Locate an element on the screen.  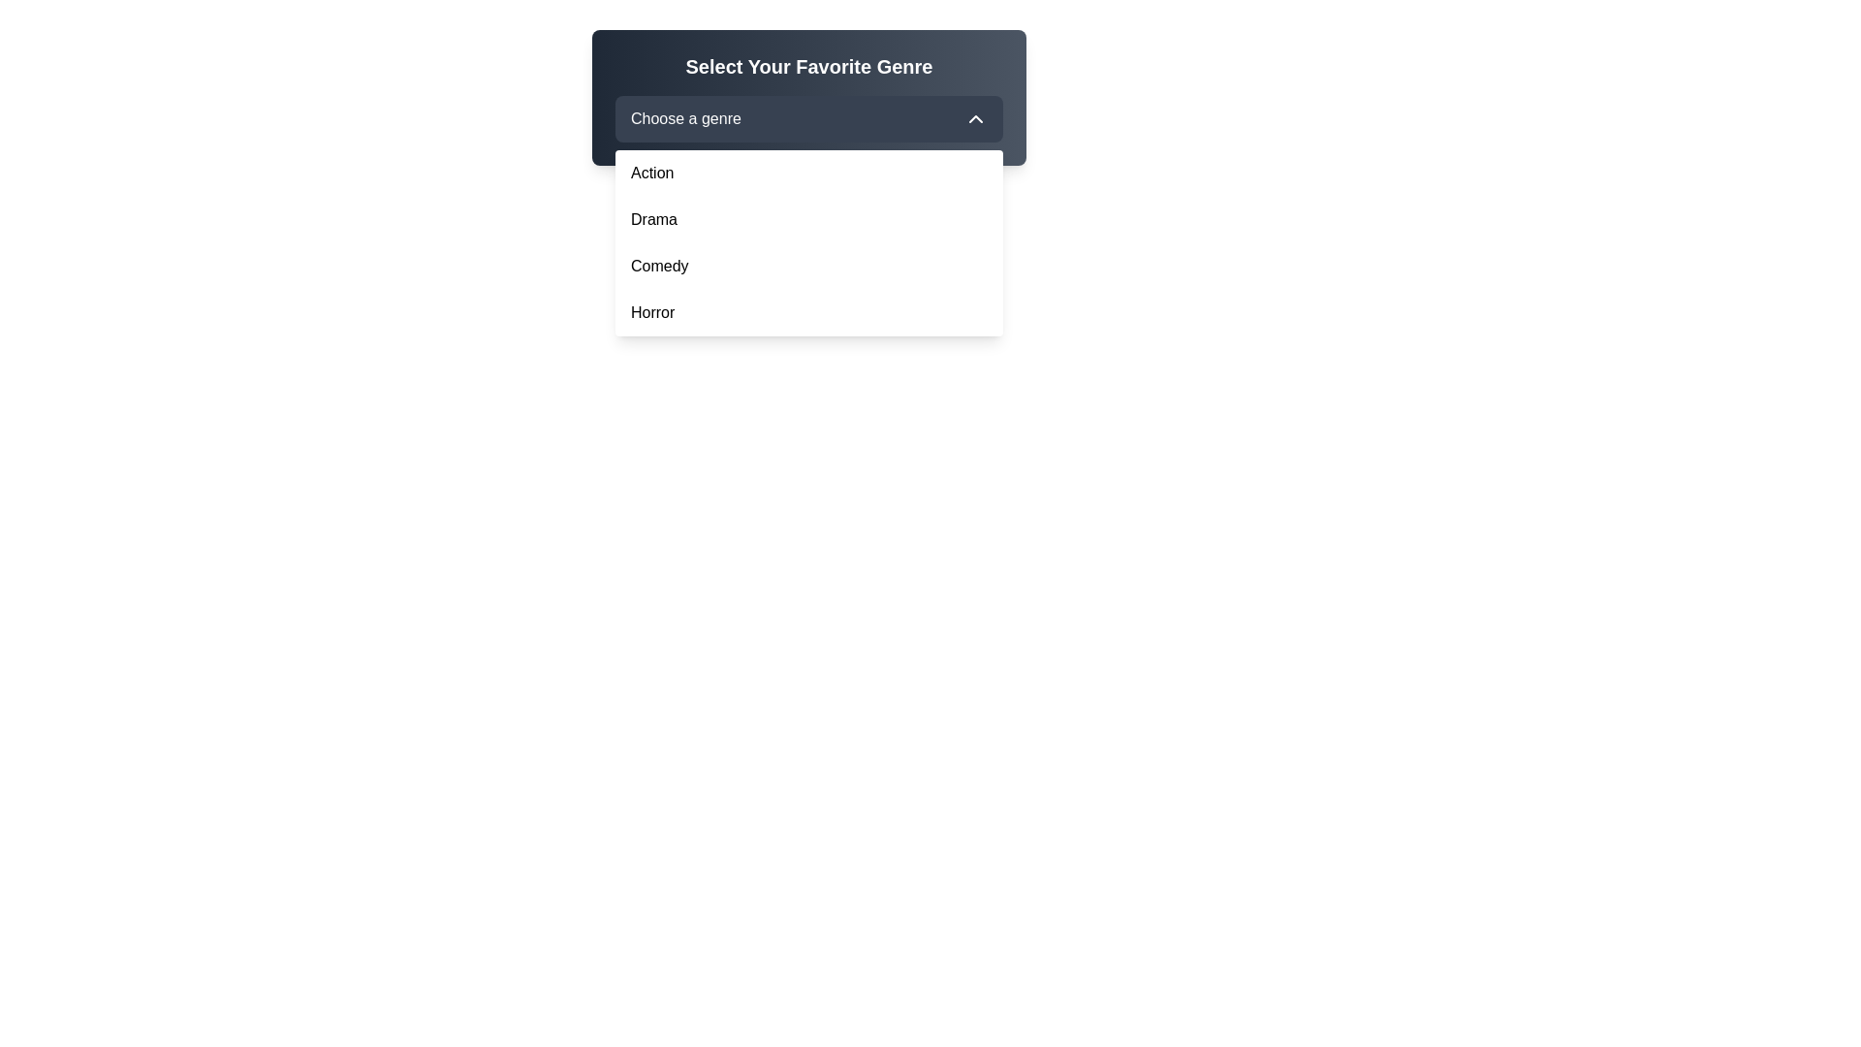
the 'Action' dropdown menu item, which is the first item in the dropdown menu below the 'Choose a genre' input is located at coordinates (652, 172).